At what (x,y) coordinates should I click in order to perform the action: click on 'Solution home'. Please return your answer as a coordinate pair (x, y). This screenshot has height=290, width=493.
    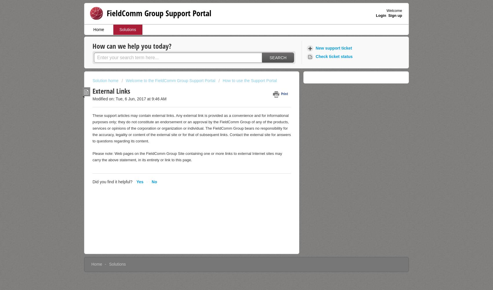
    Looking at the image, I should click on (106, 81).